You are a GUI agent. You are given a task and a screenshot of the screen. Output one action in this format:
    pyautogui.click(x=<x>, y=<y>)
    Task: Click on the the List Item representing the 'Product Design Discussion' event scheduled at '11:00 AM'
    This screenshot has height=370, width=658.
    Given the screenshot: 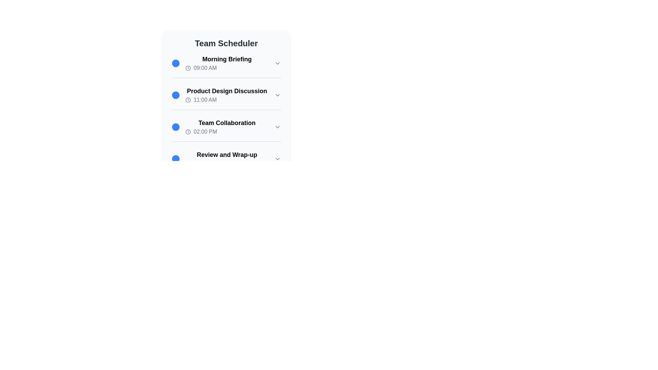 What is the action you would take?
    pyautogui.click(x=227, y=95)
    